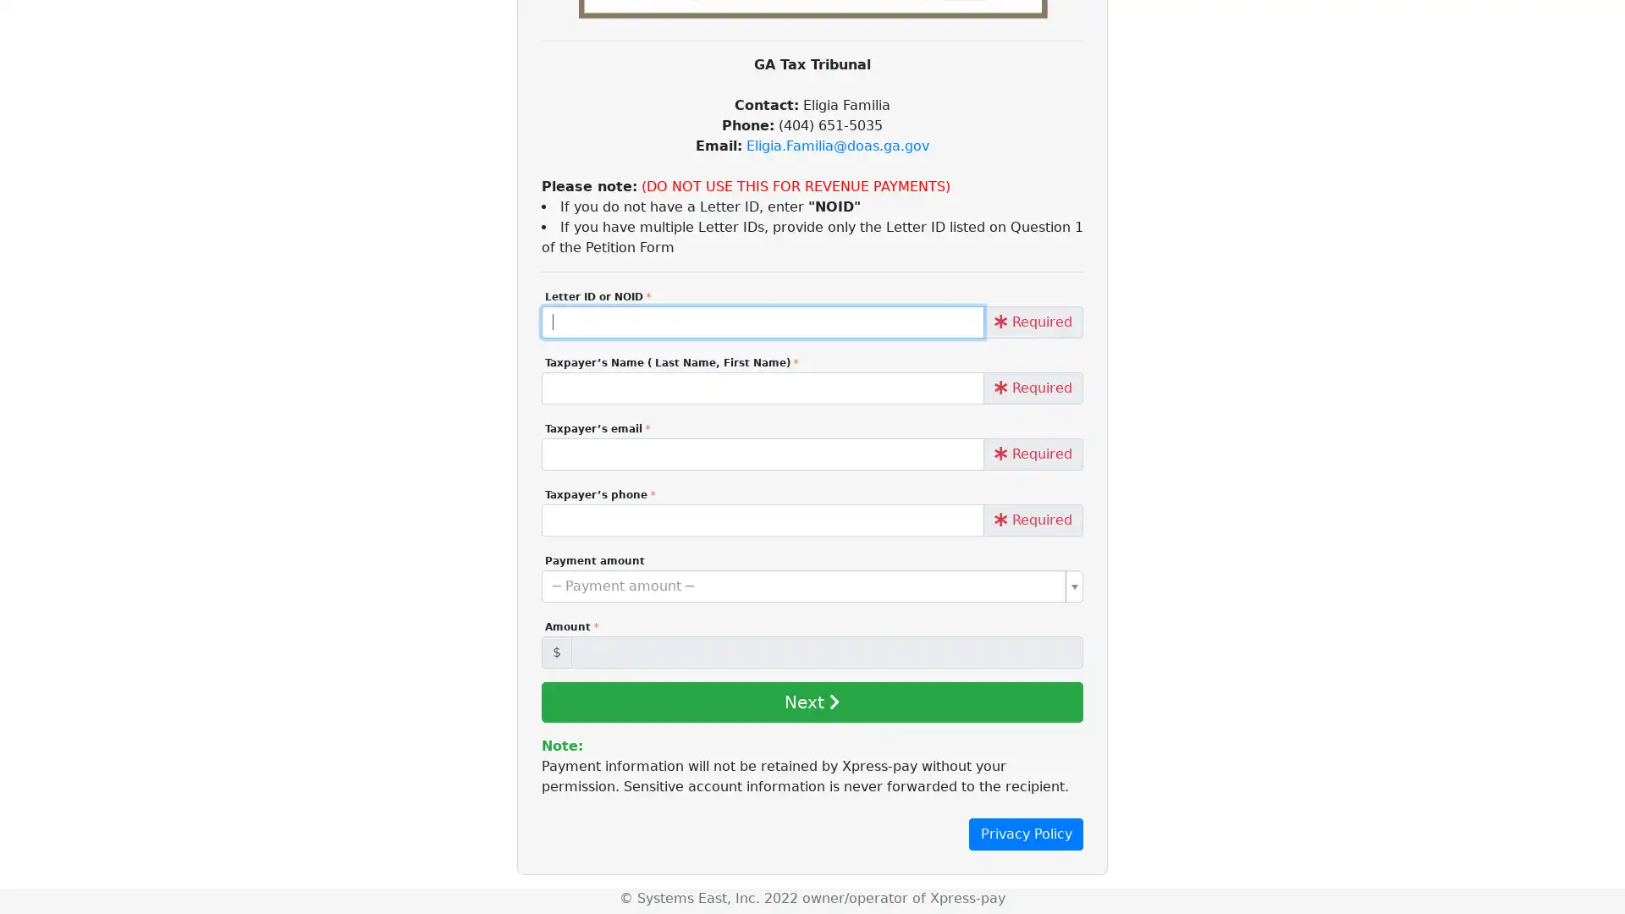  Describe the element at coordinates (1025, 834) in the screenshot. I see `Privacy Policy` at that location.